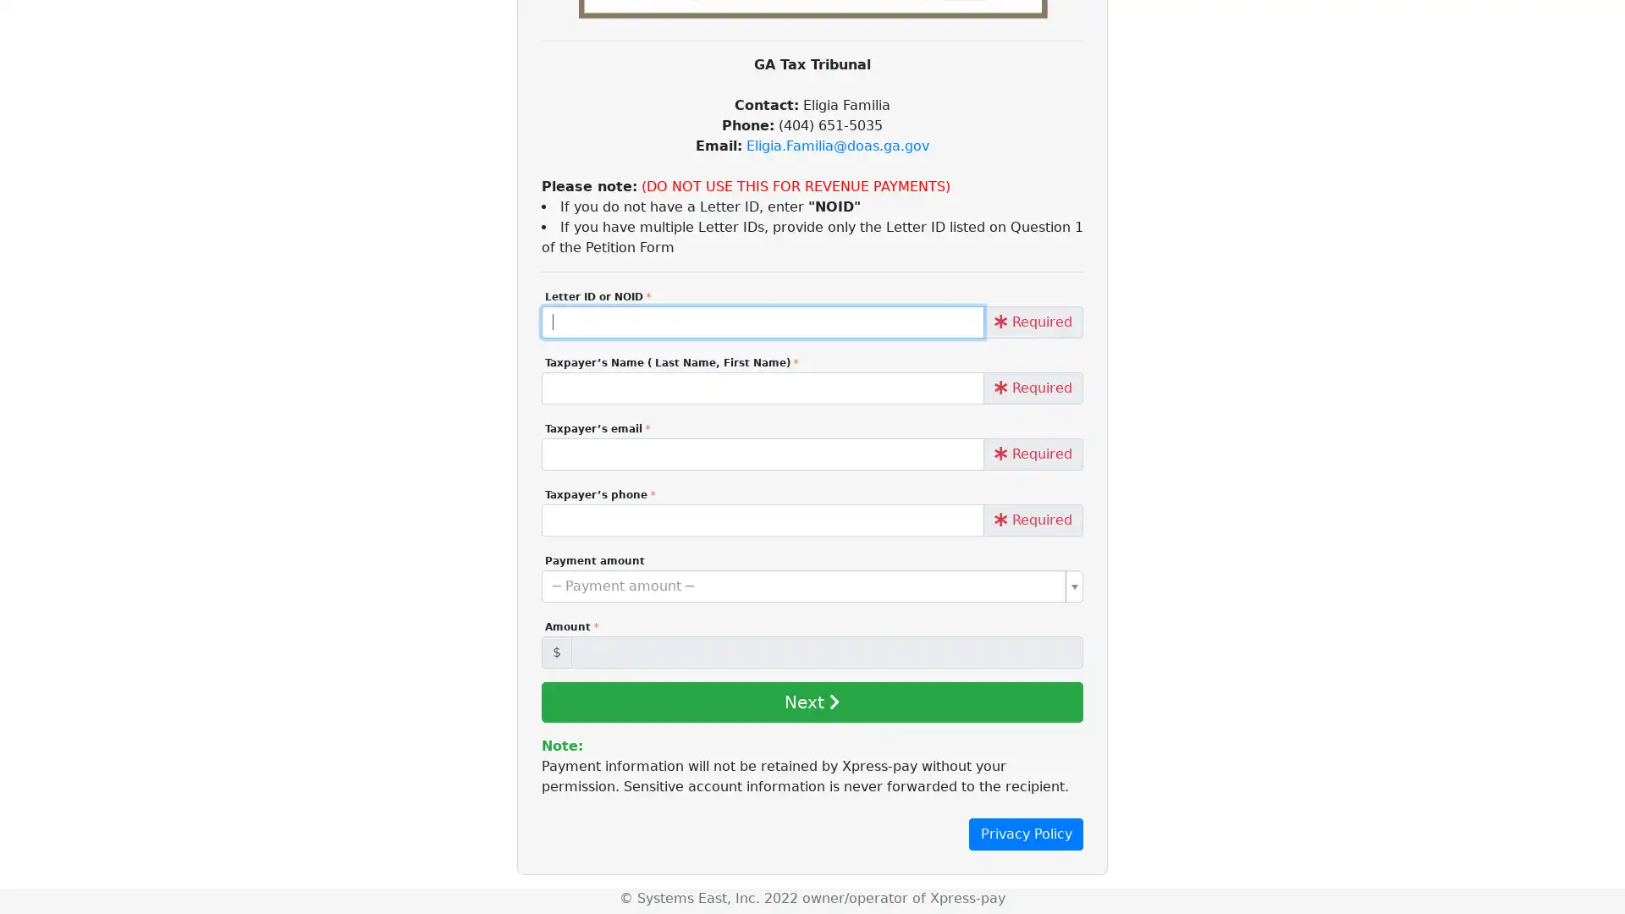  Describe the element at coordinates (1025, 834) in the screenshot. I see `Privacy Policy` at that location.